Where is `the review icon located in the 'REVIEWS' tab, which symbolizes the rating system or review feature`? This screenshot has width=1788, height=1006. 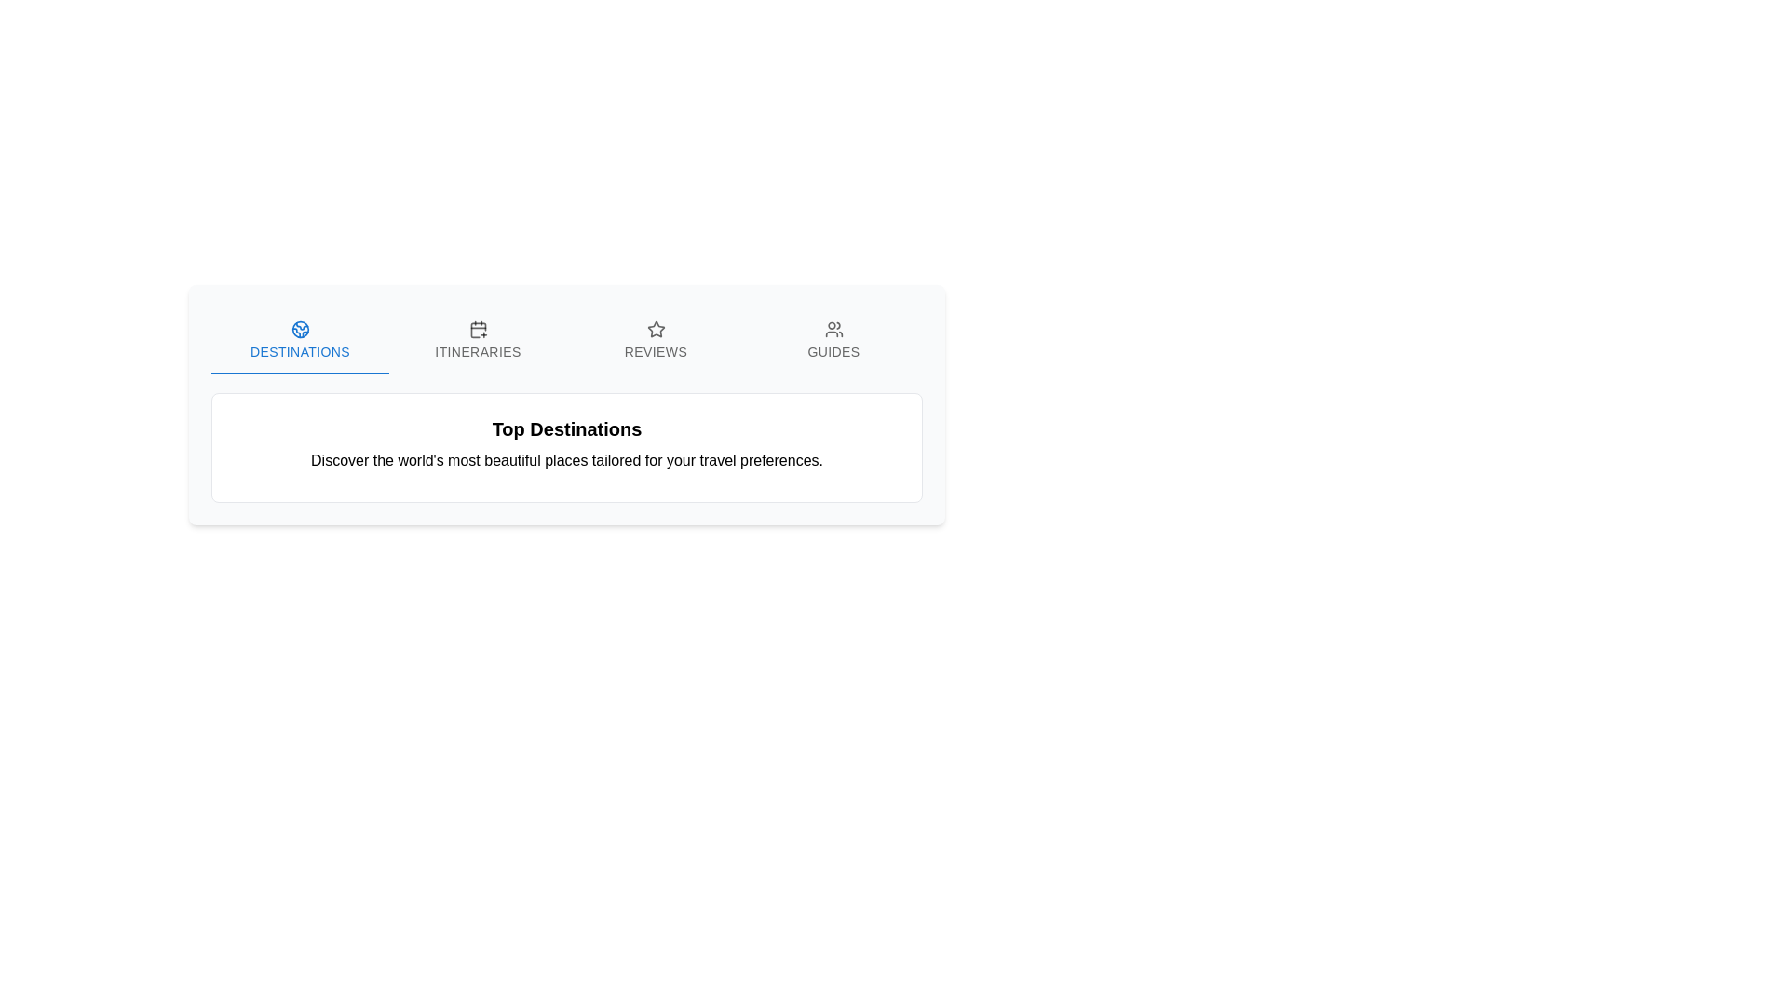 the review icon located in the 'REVIEWS' tab, which symbolizes the rating system or review feature is located at coordinates (656, 328).